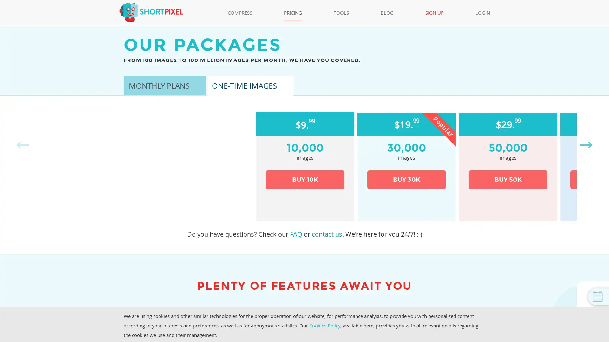 The image size is (609, 342). Describe the element at coordinates (406, 180) in the screenshot. I see `BUY 30K` at that location.